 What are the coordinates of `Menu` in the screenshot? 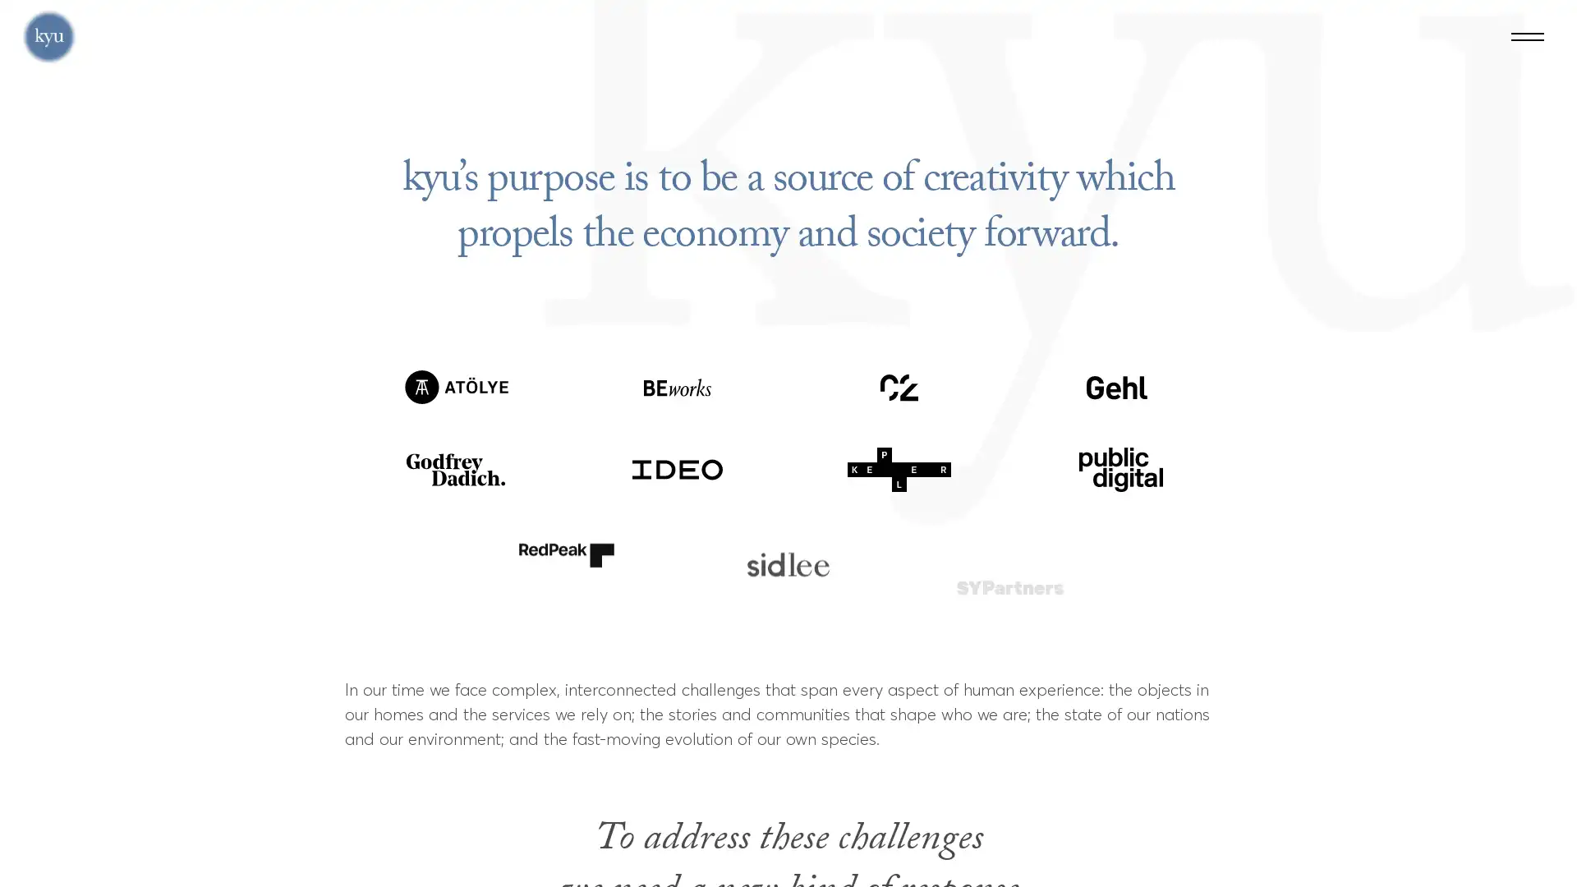 It's located at (1527, 37).